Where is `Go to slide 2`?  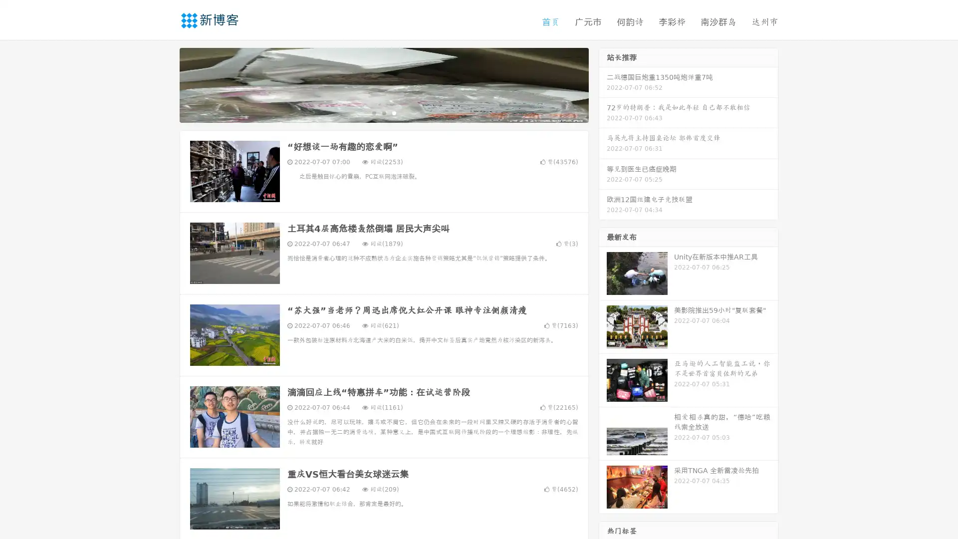
Go to slide 2 is located at coordinates (383, 112).